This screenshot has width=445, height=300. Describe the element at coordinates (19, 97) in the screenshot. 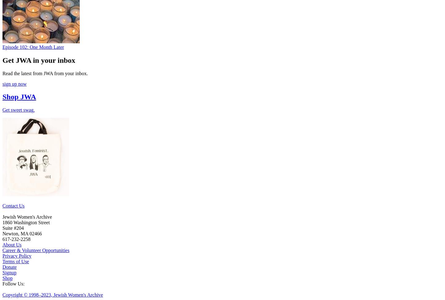

I see `'Shop JWA'` at that location.